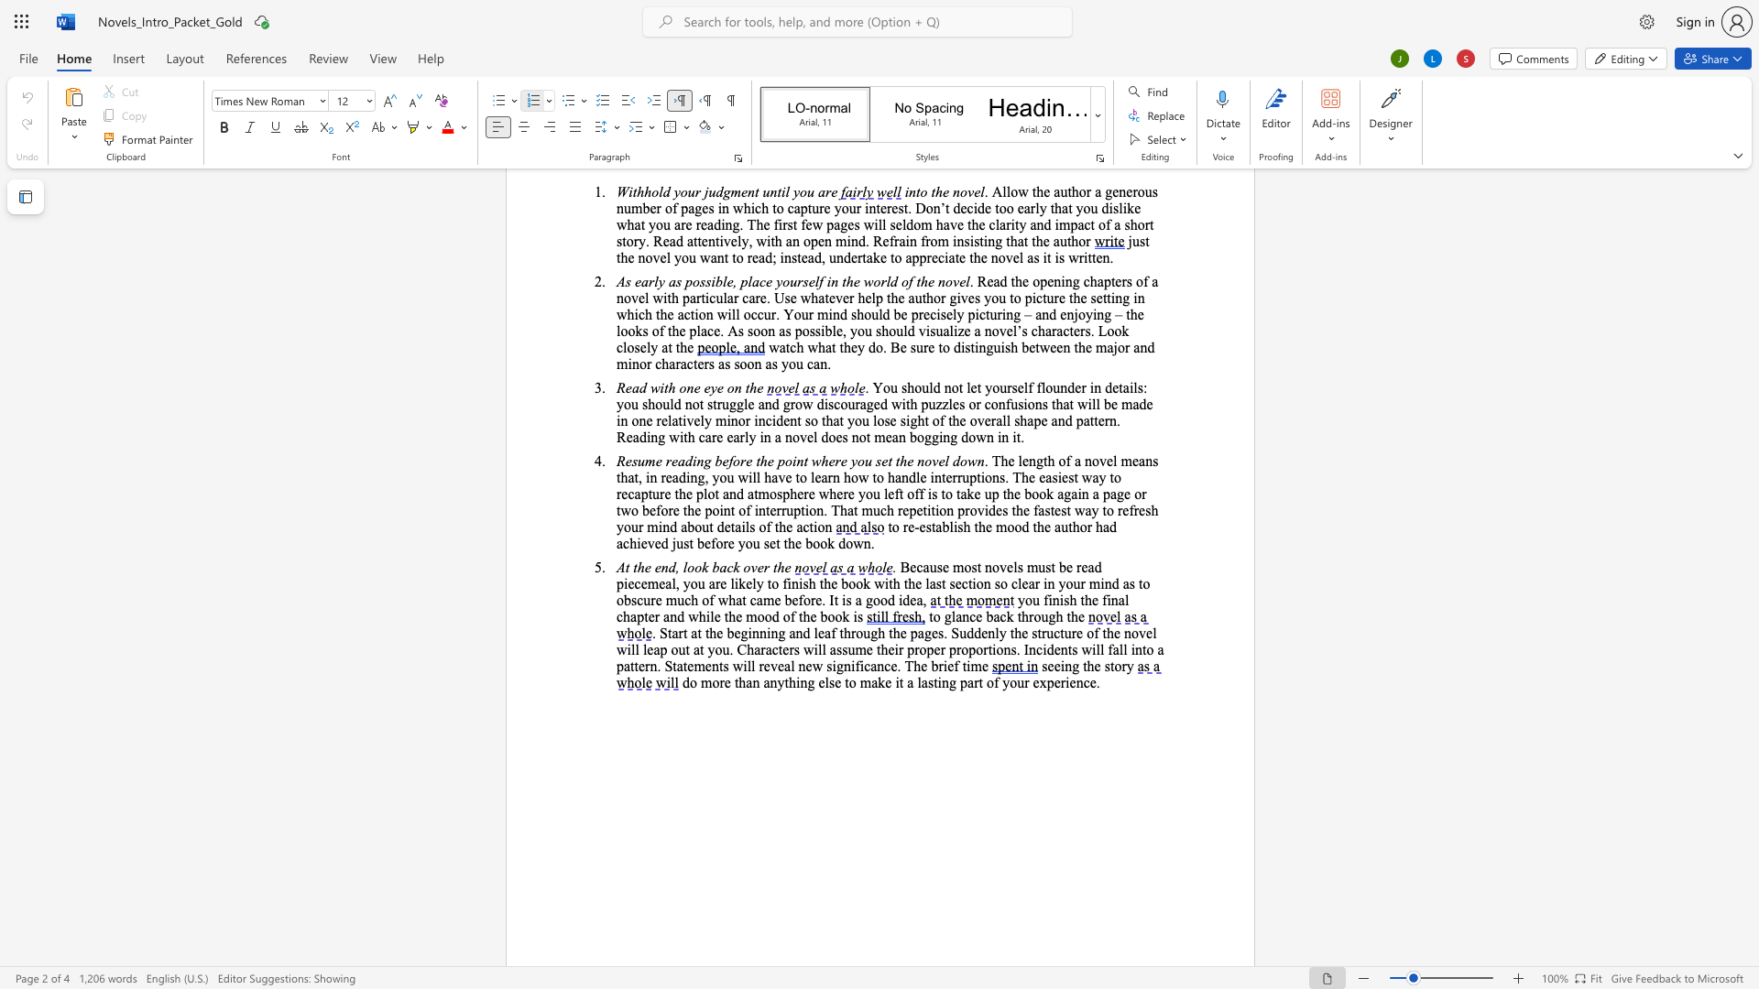 This screenshot has height=989, width=1759. Describe the element at coordinates (1021, 600) in the screenshot. I see `the 1th character "y" in the text` at that location.